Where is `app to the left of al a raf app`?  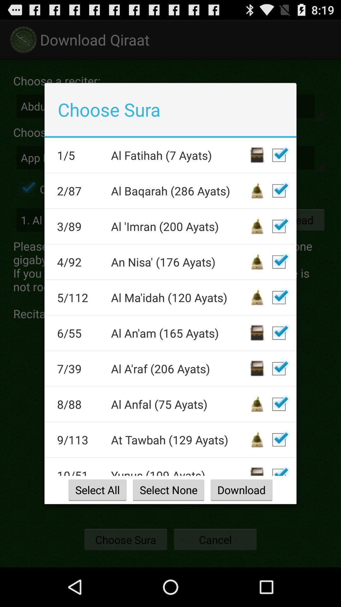
app to the left of al a raf app is located at coordinates (80, 369).